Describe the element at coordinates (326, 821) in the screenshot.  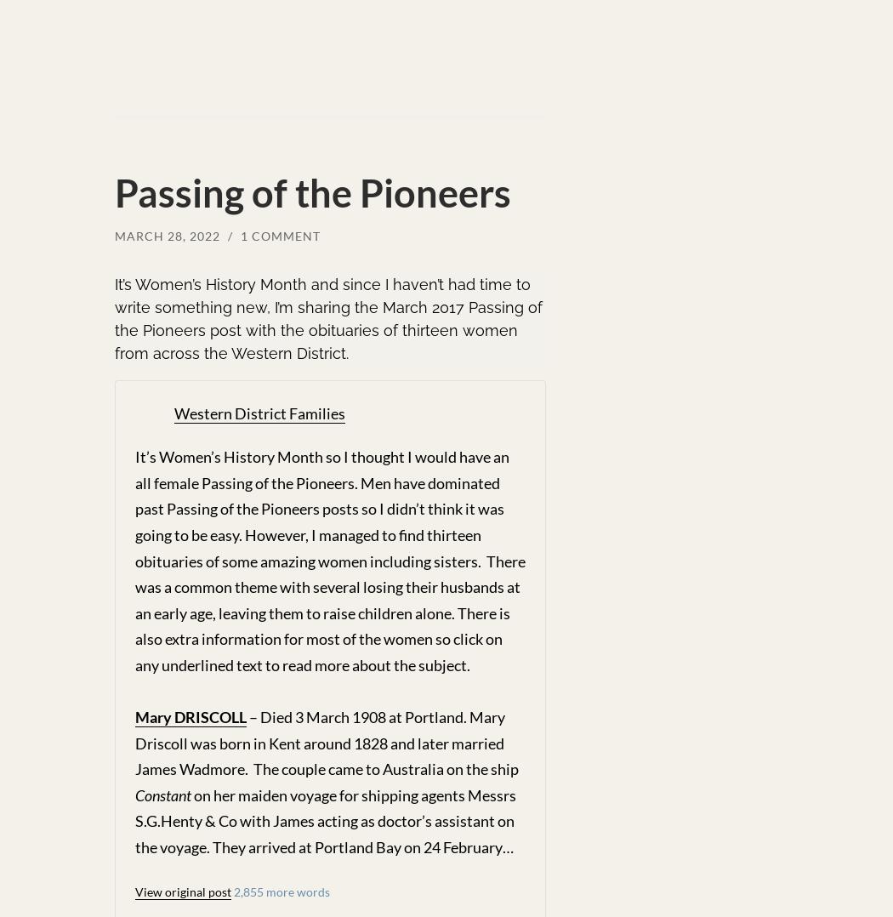
I see `'on her maiden voyage for shipping agents Messrs S.G.Henty & Co with James acting as doctor’s assistant on the voyage. They arrived at Portland Bay on 24 February…'` at that location.